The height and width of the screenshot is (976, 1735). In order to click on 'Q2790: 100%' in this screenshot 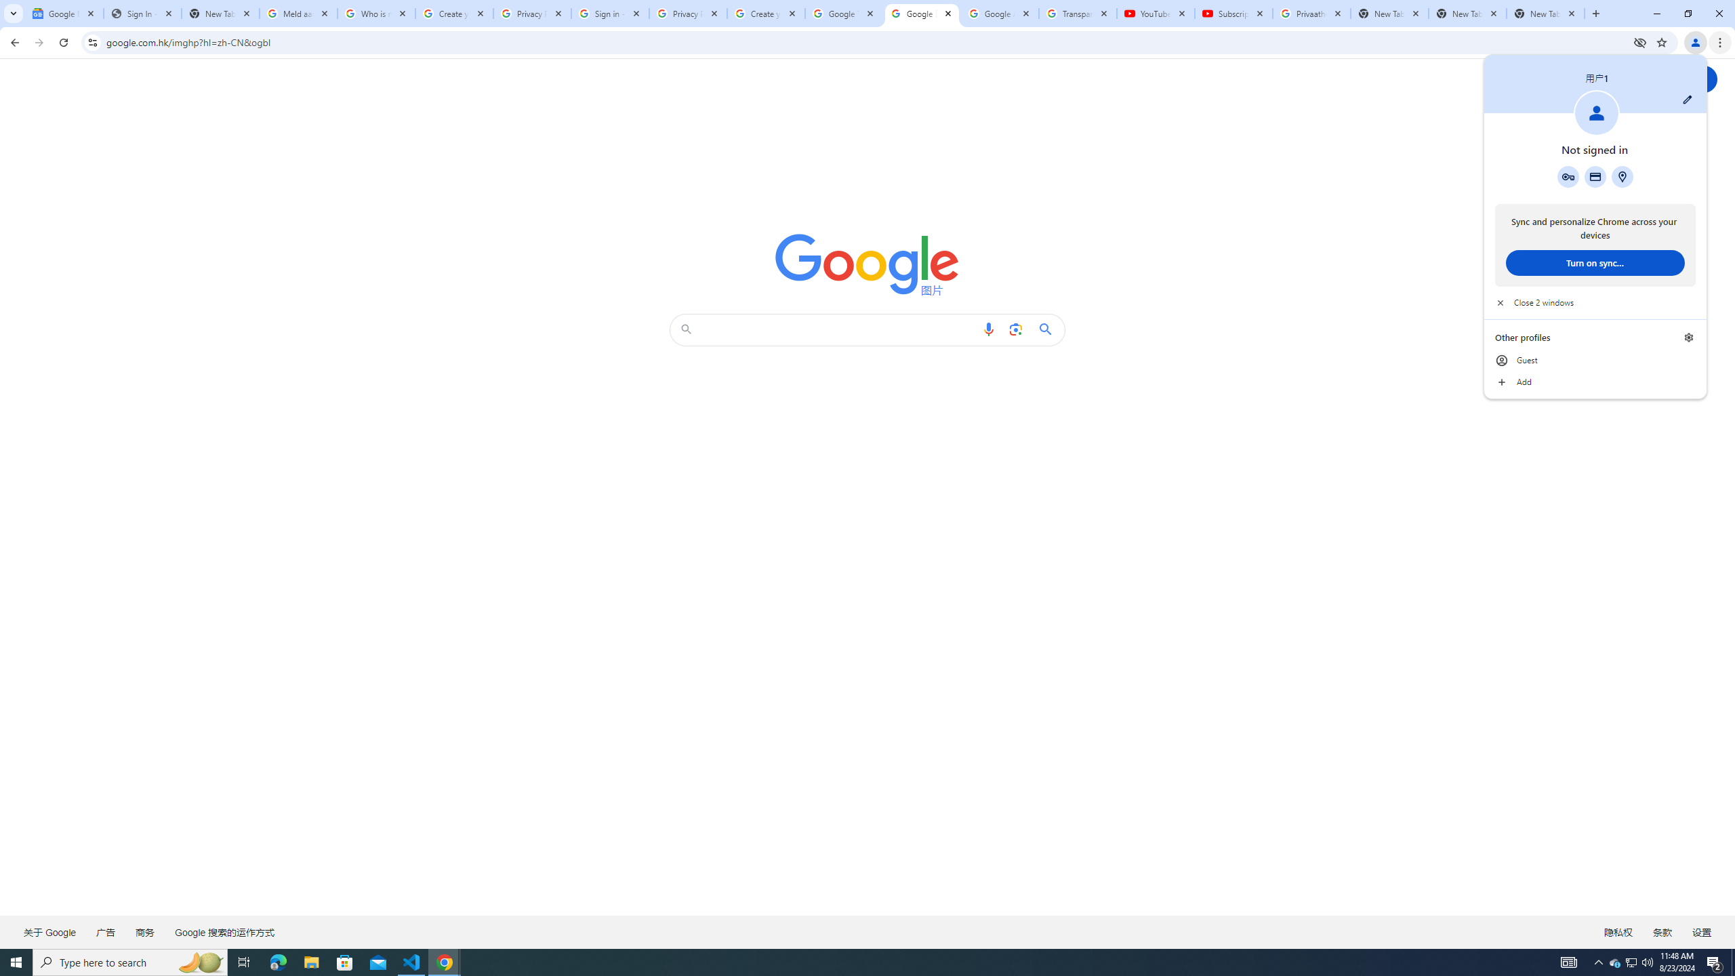, I will do `click(1646, 961)`.